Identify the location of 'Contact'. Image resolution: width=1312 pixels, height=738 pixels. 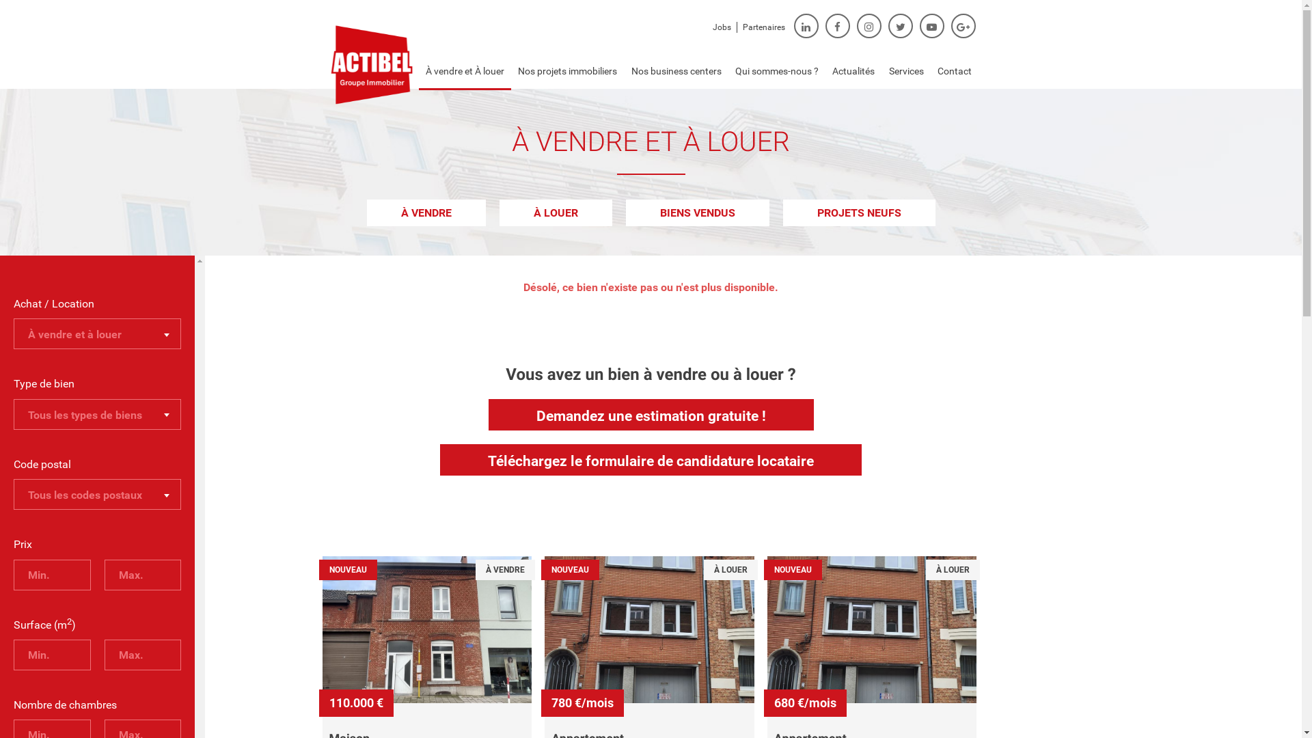
(953, 71).